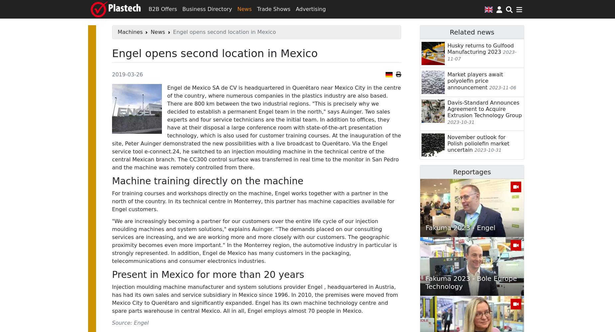 This screenshot has width=615, height=332. What do you see at coordinates (472, 172) in the screenshot?
I see `'Reportages'` at bounding box center [472, 172].